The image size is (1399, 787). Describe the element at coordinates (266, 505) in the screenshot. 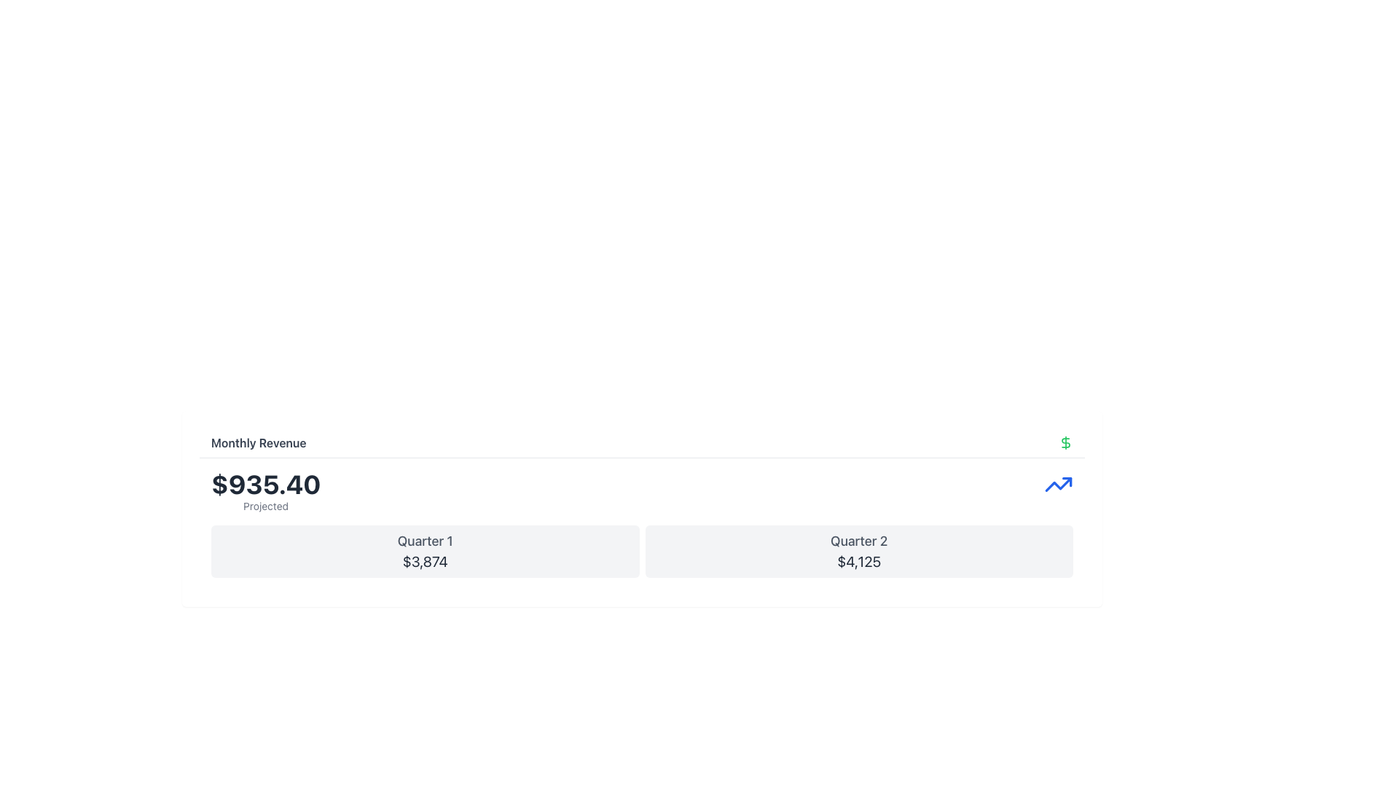

I see `the Text Label that provides contextual information for the projected value, located below the text '$935.40' and centrally aligned horizontally` at that location.